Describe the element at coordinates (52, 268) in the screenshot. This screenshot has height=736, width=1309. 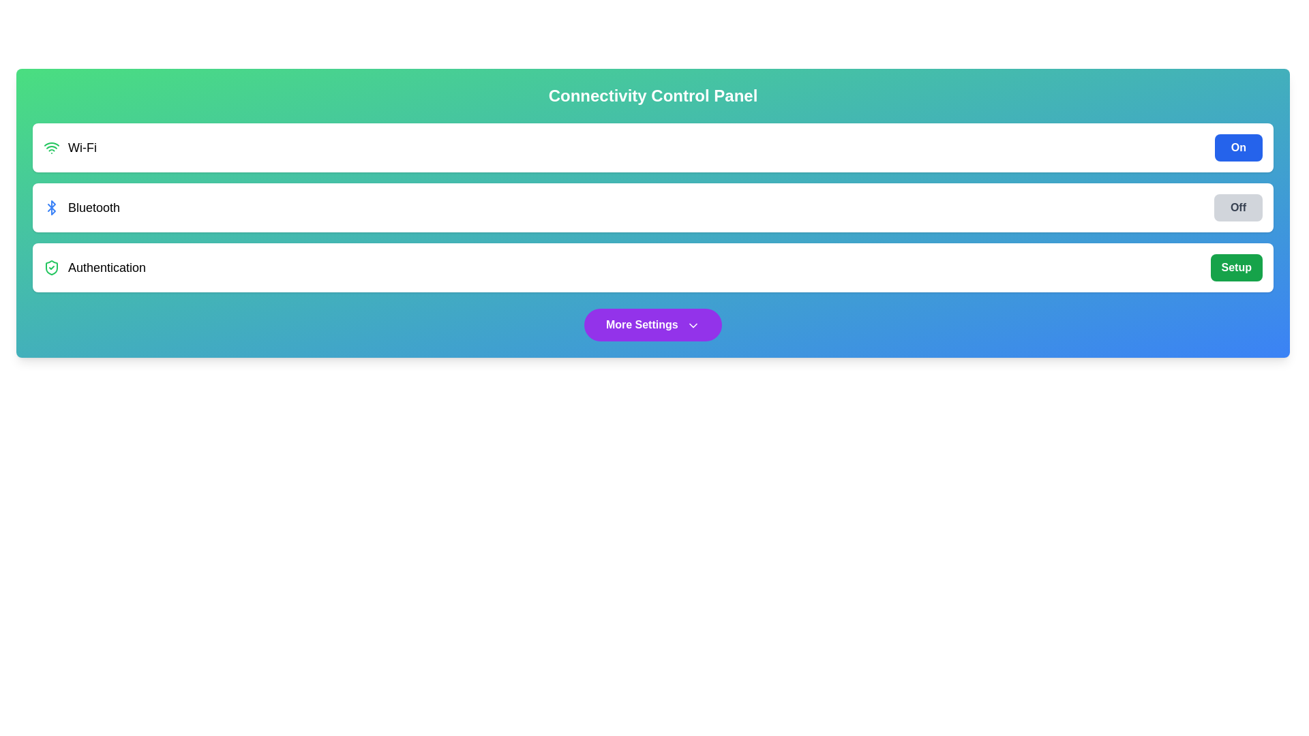
I see `the status indicator icon located in the 'Authentication' section, which is positioned to the far left of the text label 'Authentication'` at that location.